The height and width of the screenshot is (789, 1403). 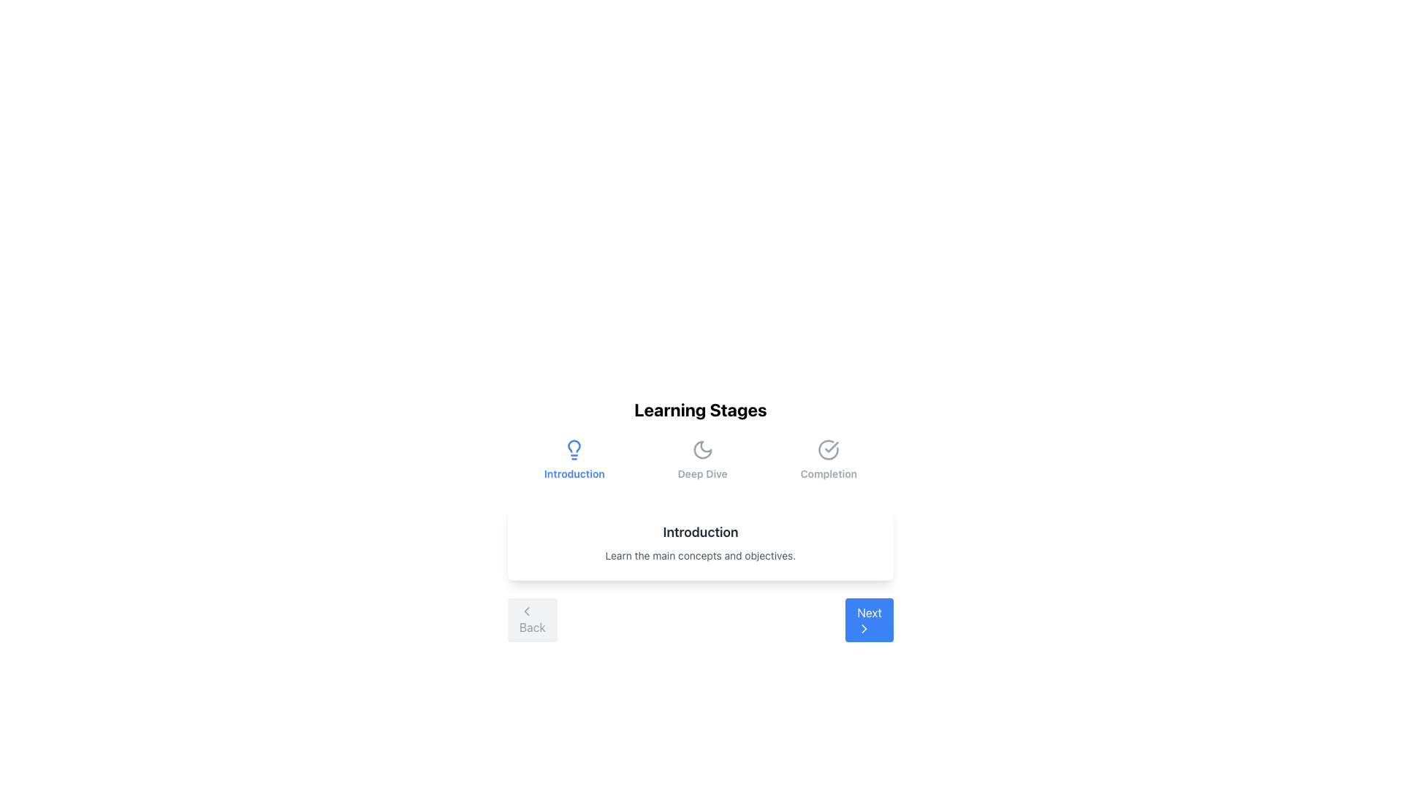 What do you see at coordinates (702, 459) in the screenshot?
I see `the non-interactive visual indicator denoting the 'Deep Dive' phase in the bottom center region of the interface` at bounding box center [702, 459].